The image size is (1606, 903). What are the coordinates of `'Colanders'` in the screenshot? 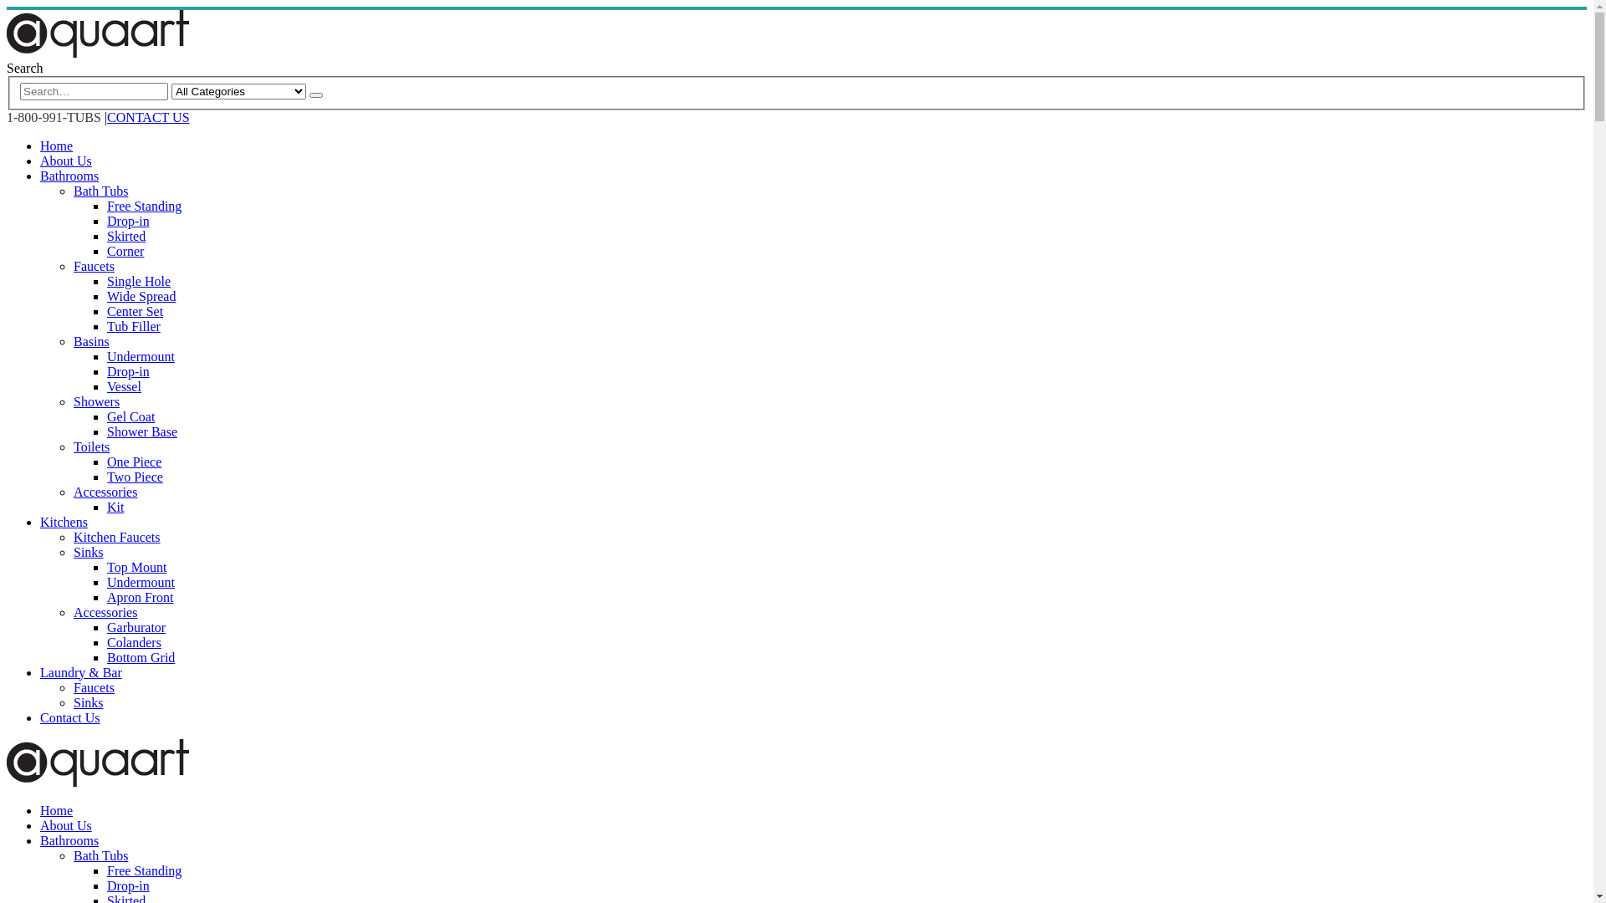 It's located at (106, 641).